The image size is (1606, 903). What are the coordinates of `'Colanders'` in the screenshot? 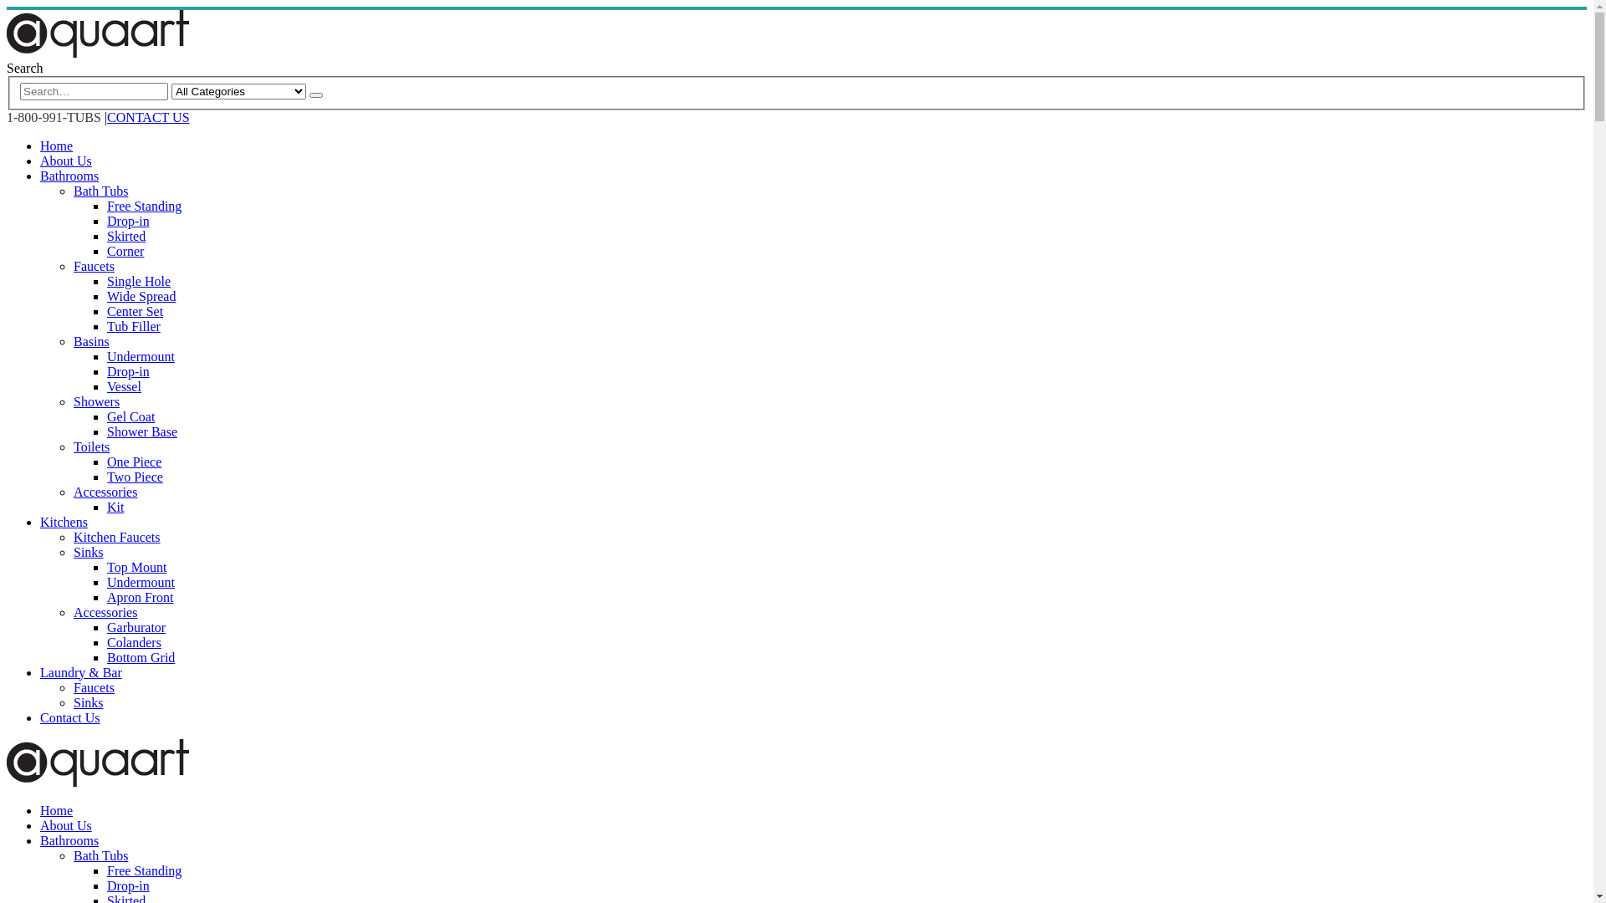 It's located at (106, 641).